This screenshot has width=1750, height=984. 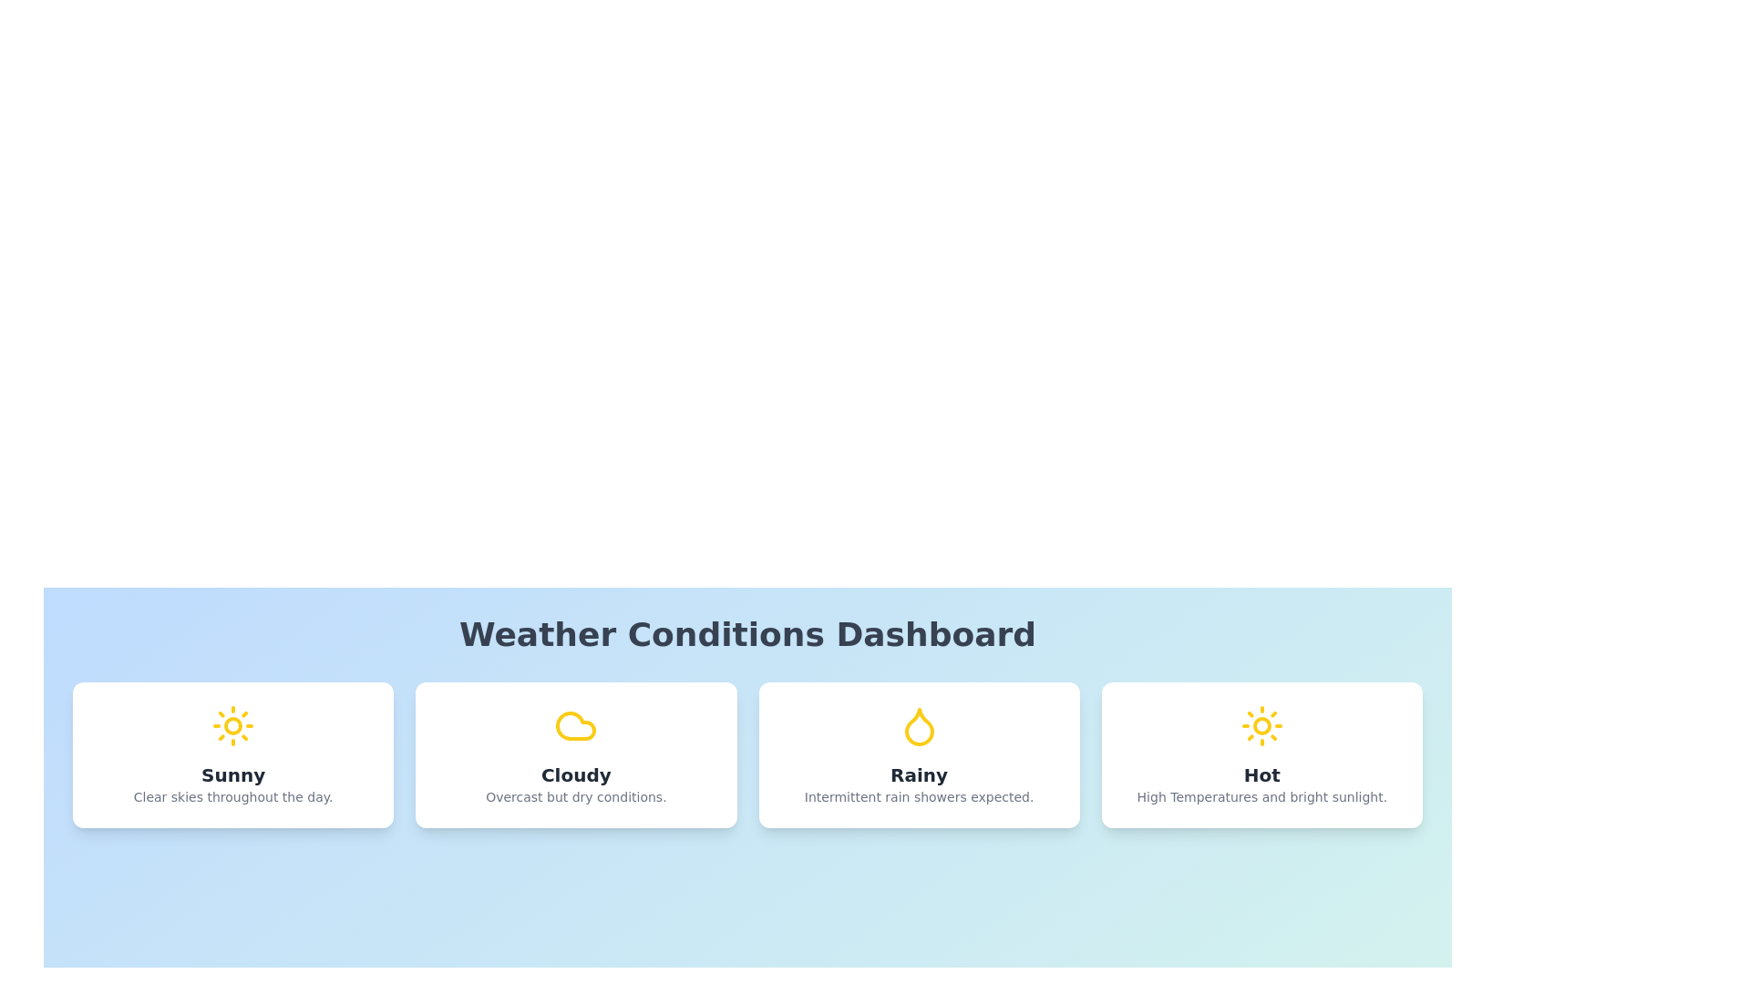 I want to click on the yellow droplet-shaped icon located at the top of the third weather condition card, which is above the text 'Rainy' and 'Intermittent rain showers expected.', so click(x=919, y=725).